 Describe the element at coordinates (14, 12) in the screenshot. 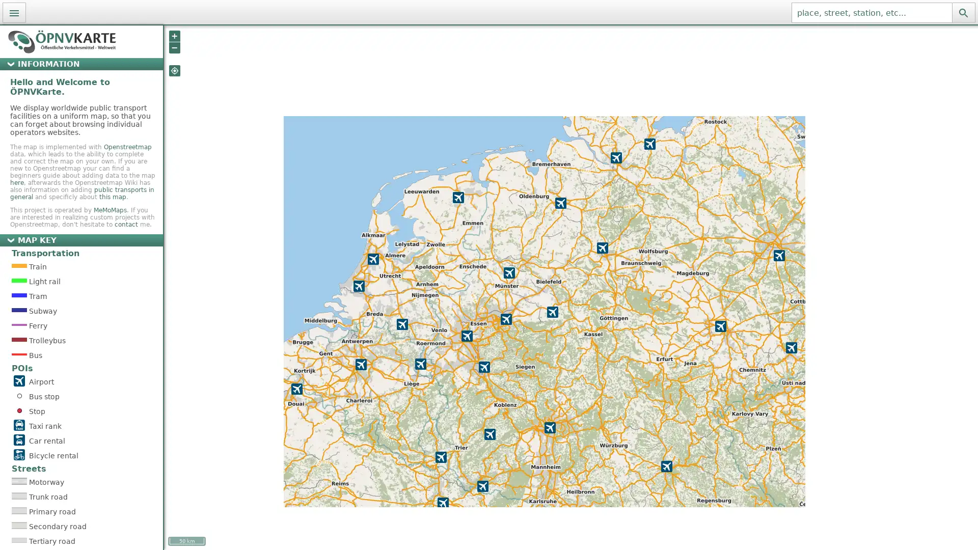

I see `Menu` at that location.